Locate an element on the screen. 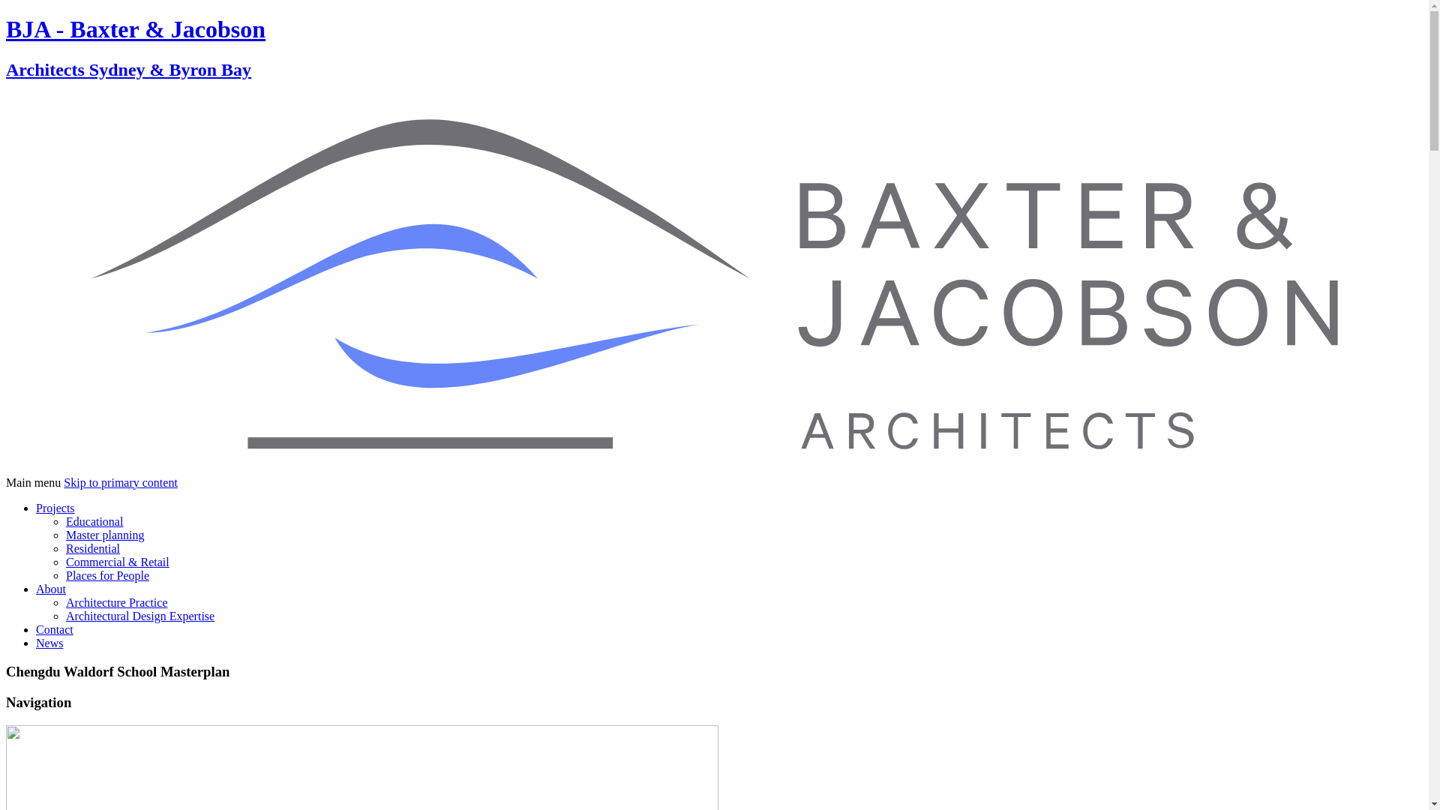 The height and width of the screenshot is (810, 1440). 'Architectural Design Expertise' is located at coordinates (140, 615).